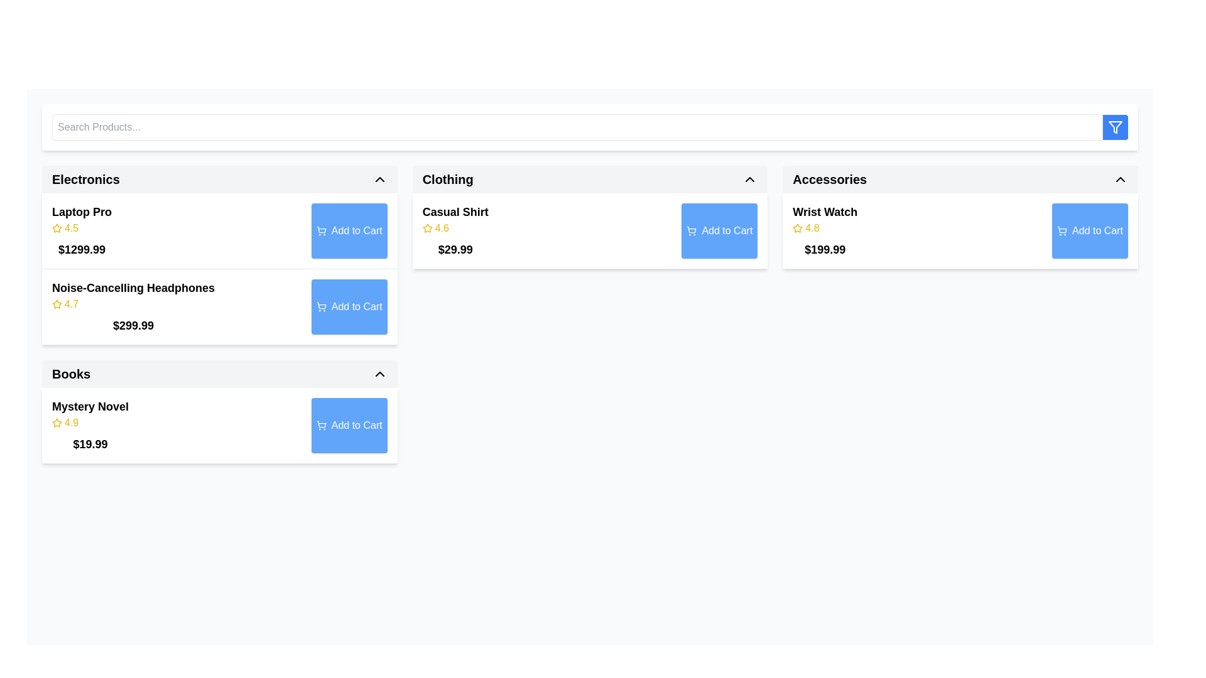 This screenshot has height=678, width=1206. What do you see at coordinates (321, 230) in the screenshot?
I see `the icon that signifies adding a product to the shopping cart, located within the 'Add to Cart' button for 'Laptop Pro' in the 'Electronics' category` at bounding box center [321, 230].